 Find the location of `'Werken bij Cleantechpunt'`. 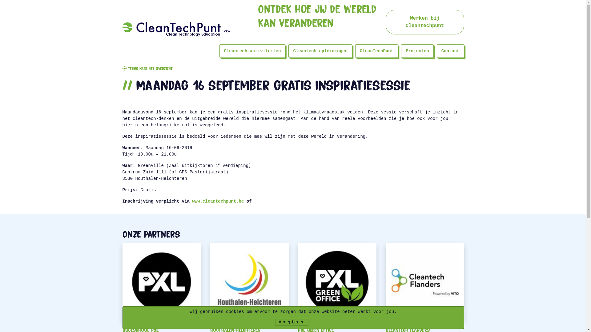

'Werken bij Cleantechpunt' is located at coordinates (424, 22).